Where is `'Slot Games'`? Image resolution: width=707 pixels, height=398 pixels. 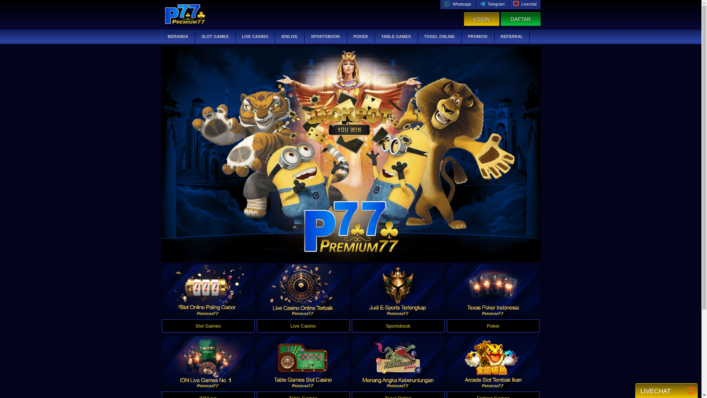 'Slot Games' is located at coordinates (207, 325).